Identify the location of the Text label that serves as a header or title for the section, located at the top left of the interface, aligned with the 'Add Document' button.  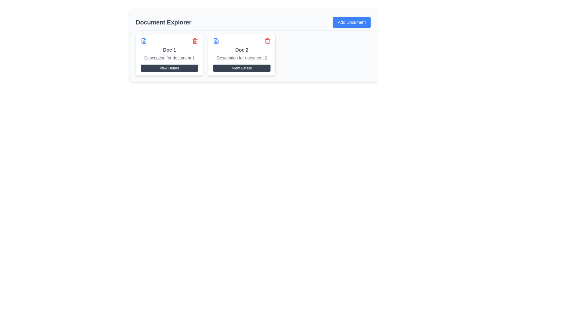
(163, 22).